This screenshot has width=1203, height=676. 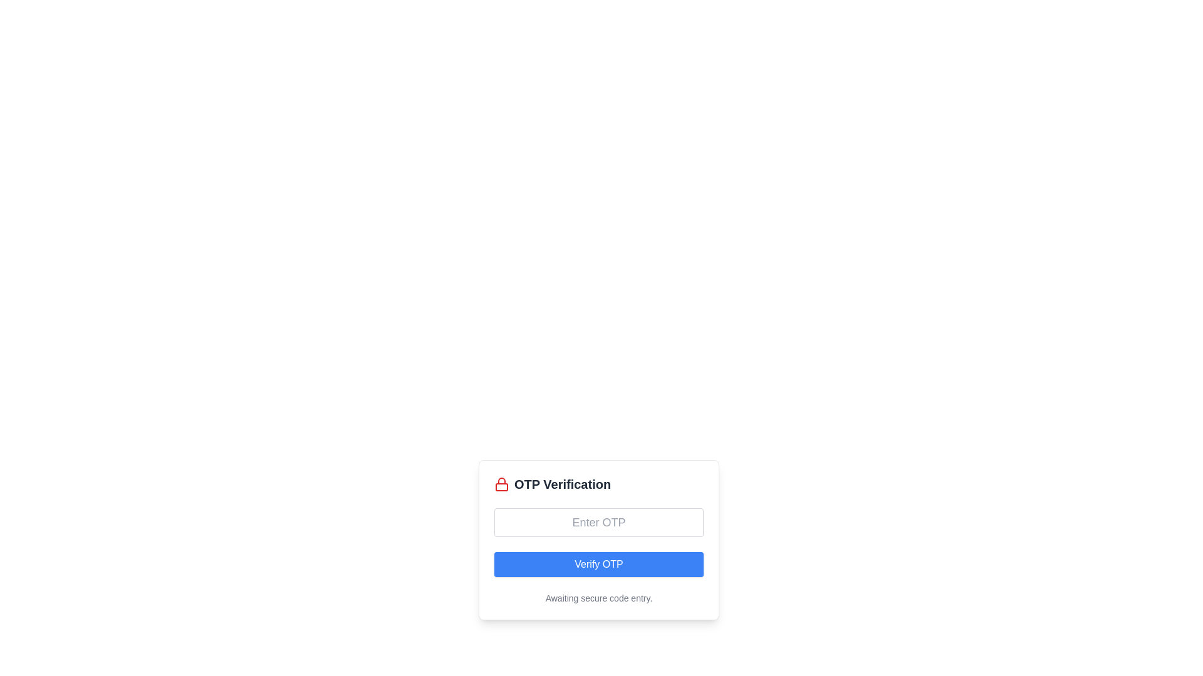 I want to click on the lock icon representing security for the OTP verification process, located to the left of the 'OTP Verification' text, so click(x=502, y=484).